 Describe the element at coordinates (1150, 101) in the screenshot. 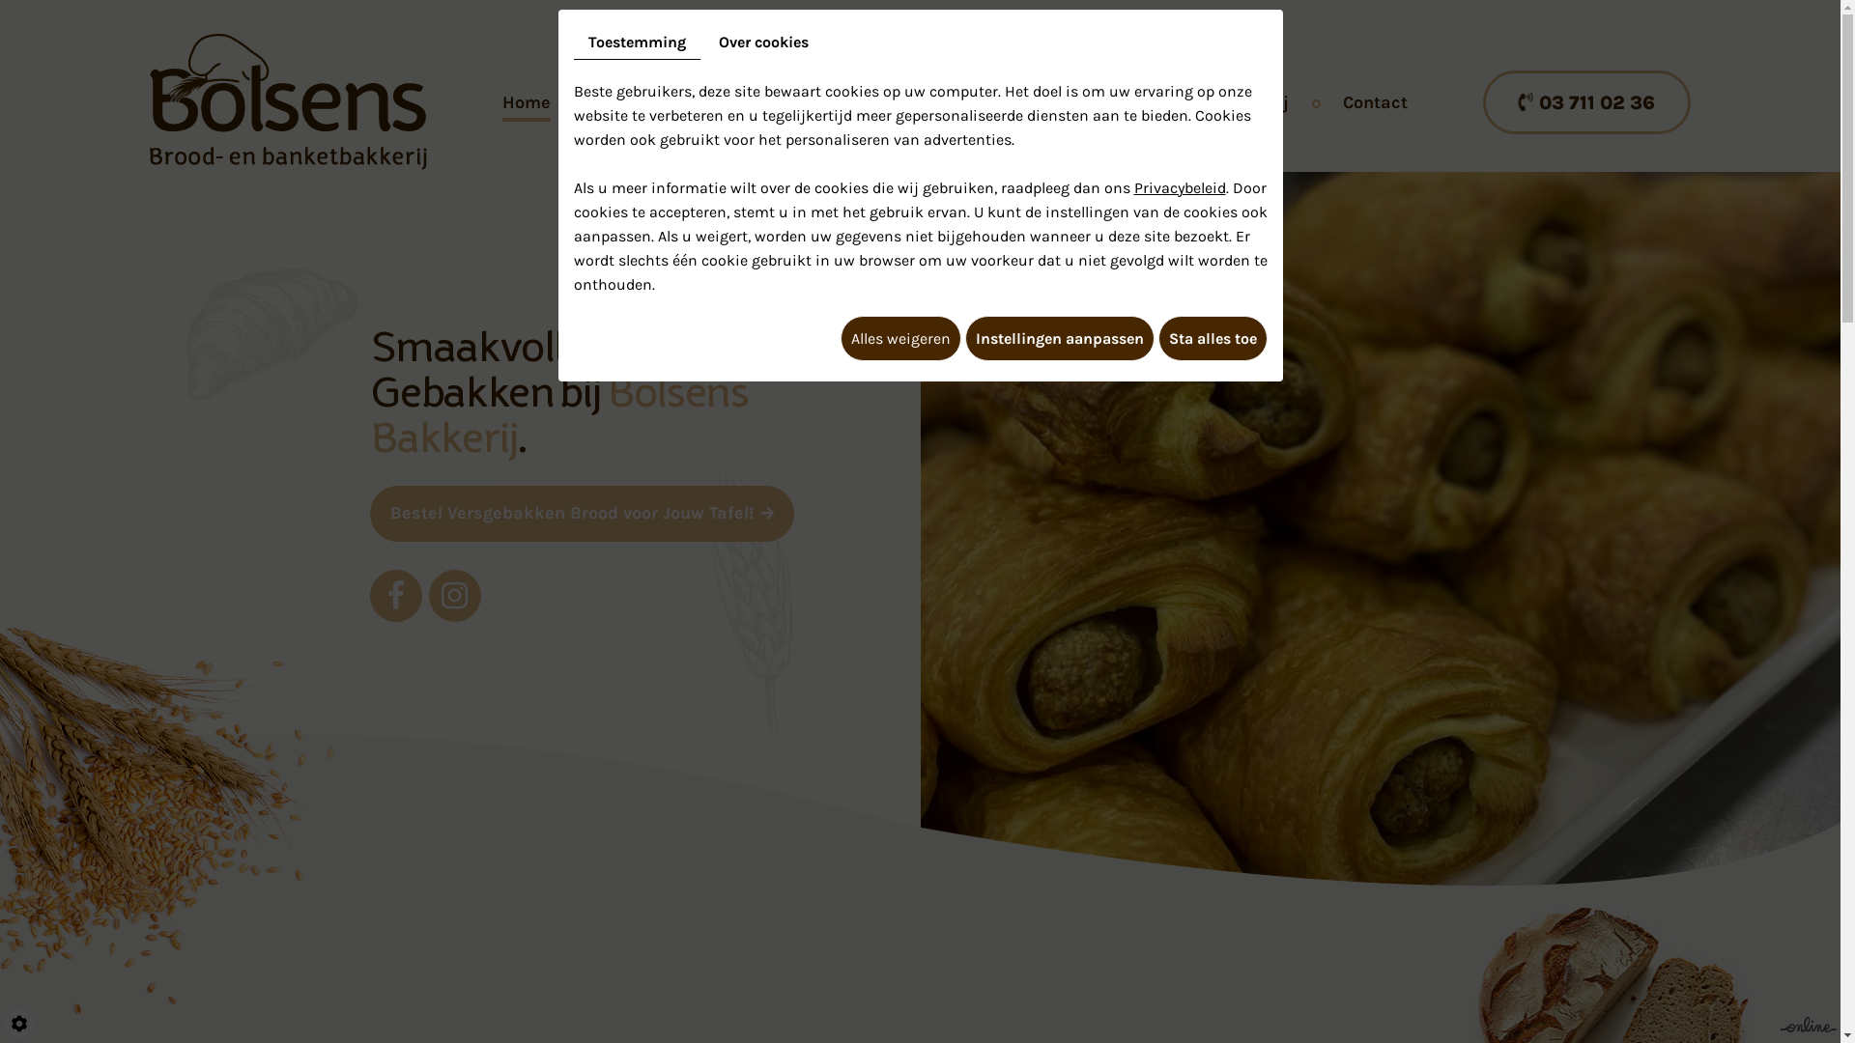

I see `'Nieuws'` at that location.